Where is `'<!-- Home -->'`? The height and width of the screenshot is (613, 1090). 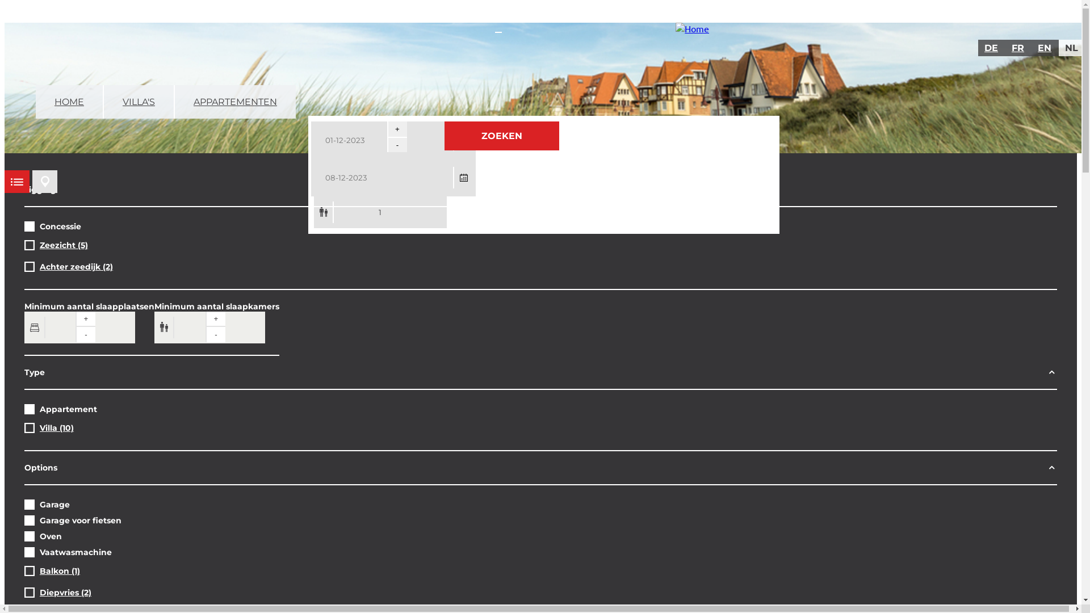
'<!-- Home -->' is located at coordinates (691, 28).